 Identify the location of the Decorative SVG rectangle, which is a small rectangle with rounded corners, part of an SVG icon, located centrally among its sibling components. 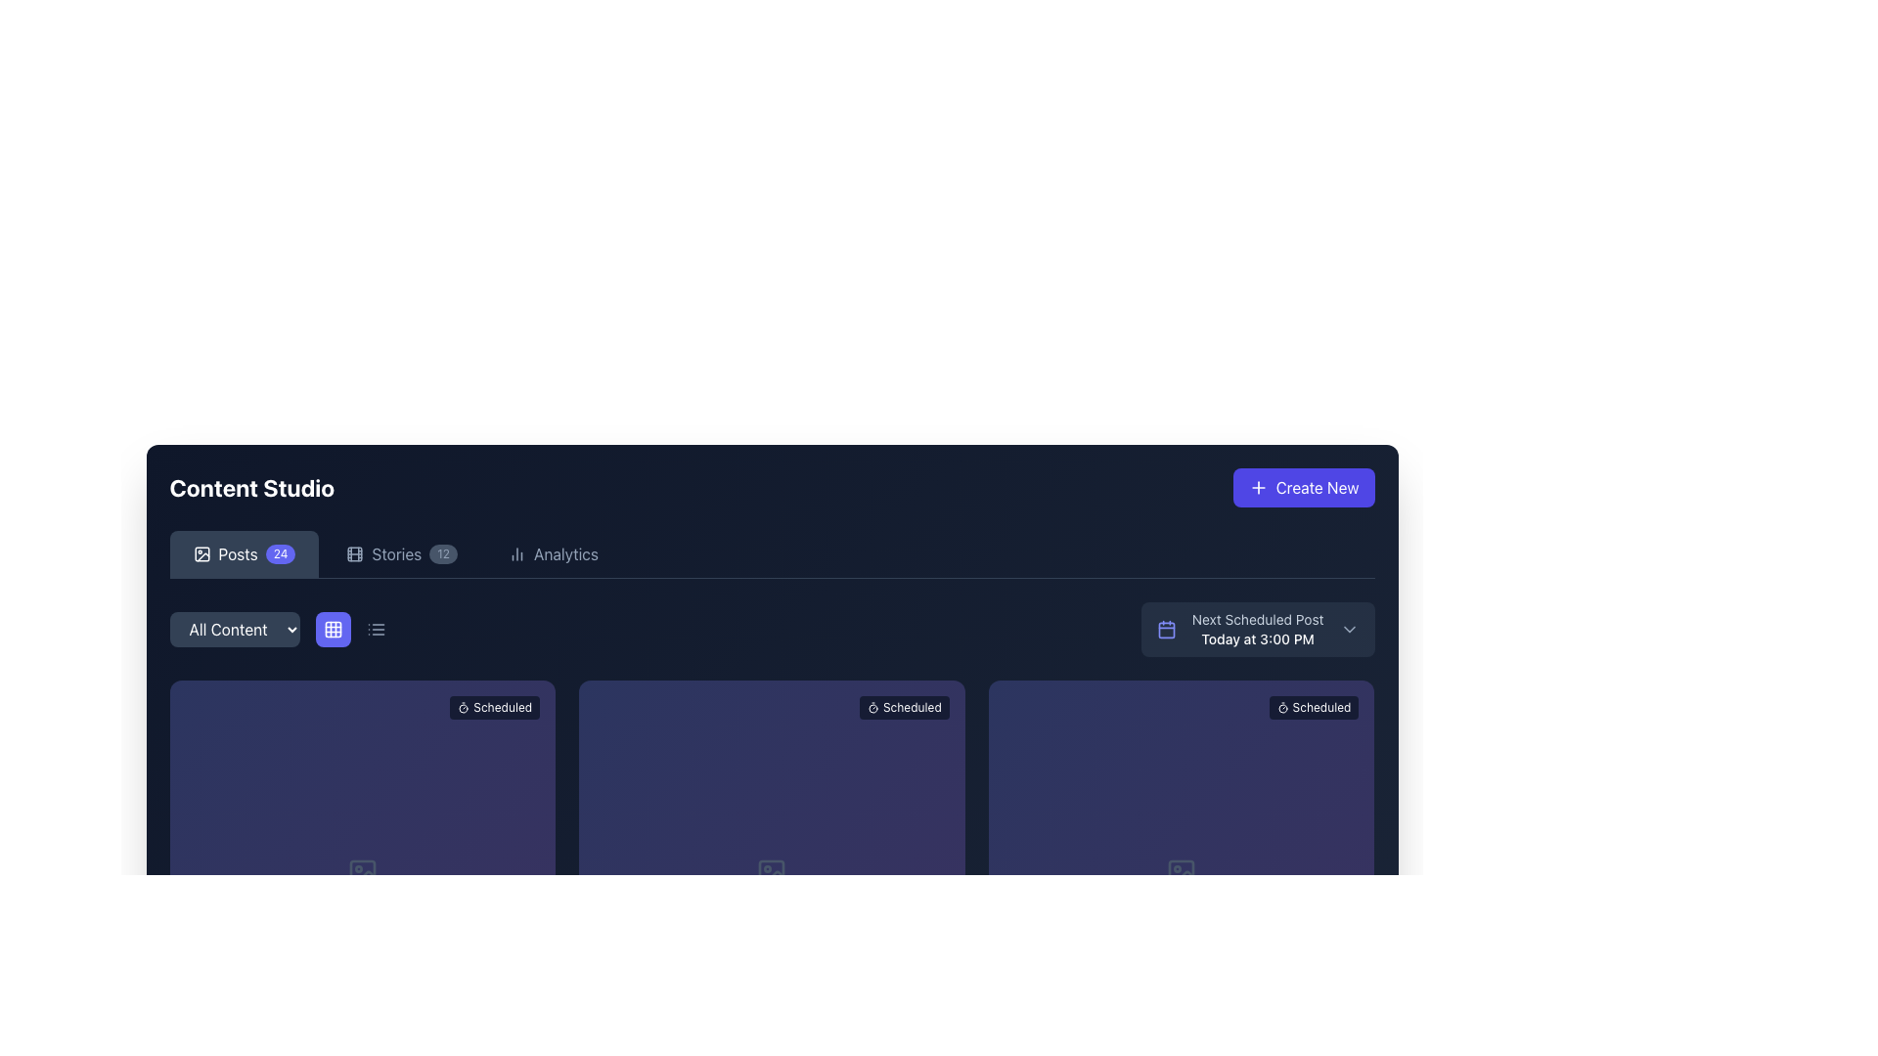
(201, 554).